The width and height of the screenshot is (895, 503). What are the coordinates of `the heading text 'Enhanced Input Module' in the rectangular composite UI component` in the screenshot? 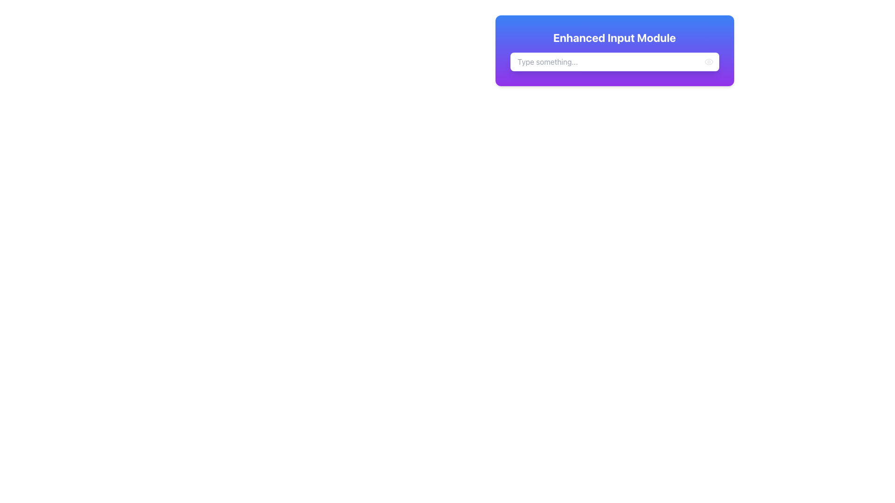 It's located at (614, 50).